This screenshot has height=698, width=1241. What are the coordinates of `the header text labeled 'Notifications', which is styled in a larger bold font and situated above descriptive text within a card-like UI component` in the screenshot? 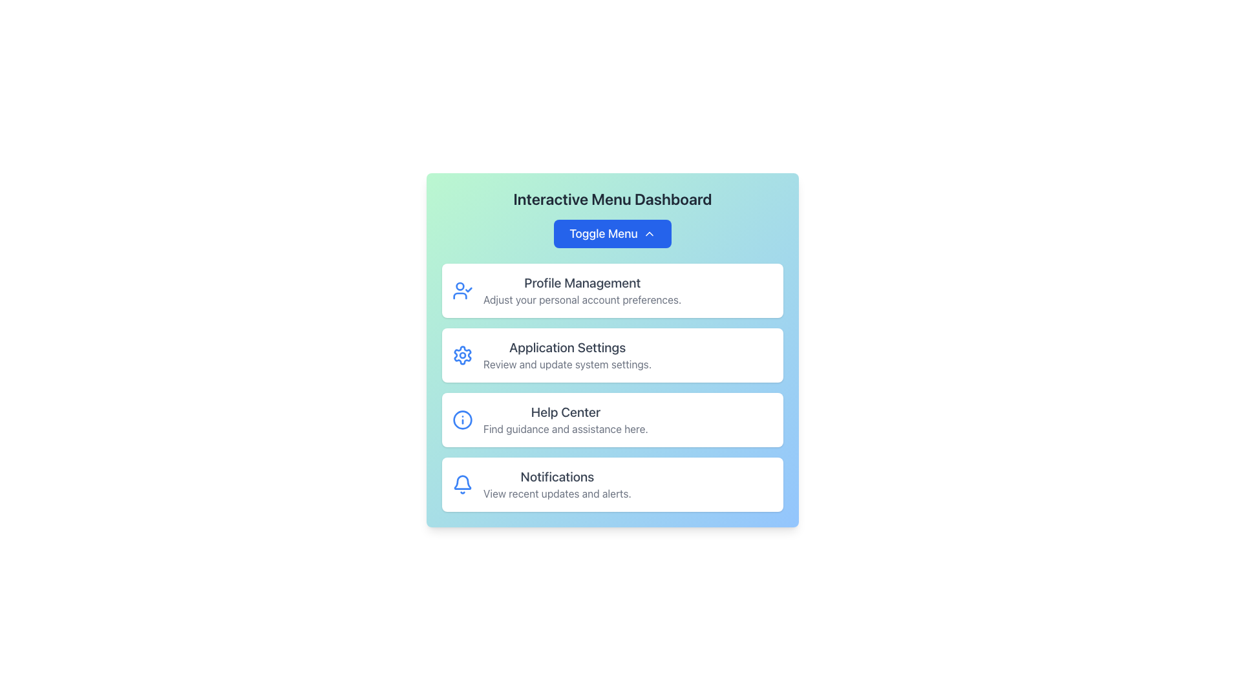 It's located at (557, 476).